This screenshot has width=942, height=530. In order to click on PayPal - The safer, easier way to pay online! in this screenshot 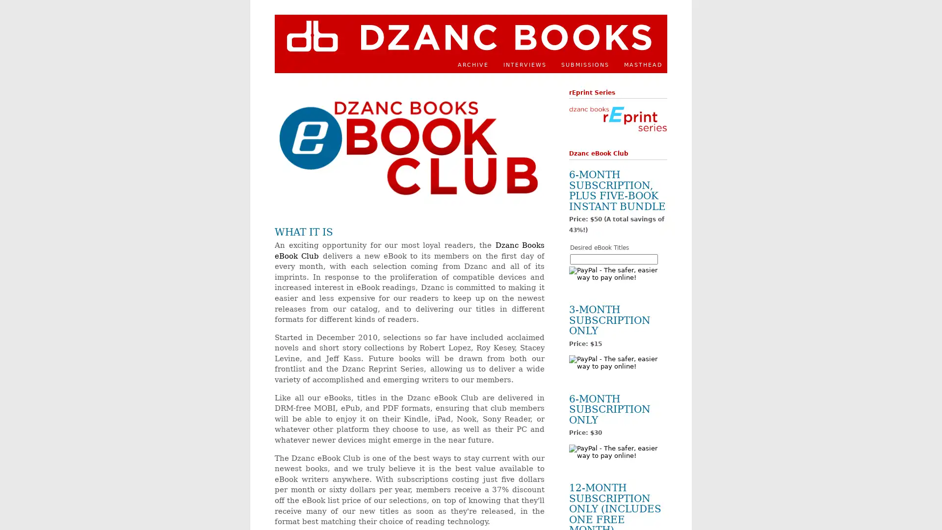, I will do `click(617, 363)`.